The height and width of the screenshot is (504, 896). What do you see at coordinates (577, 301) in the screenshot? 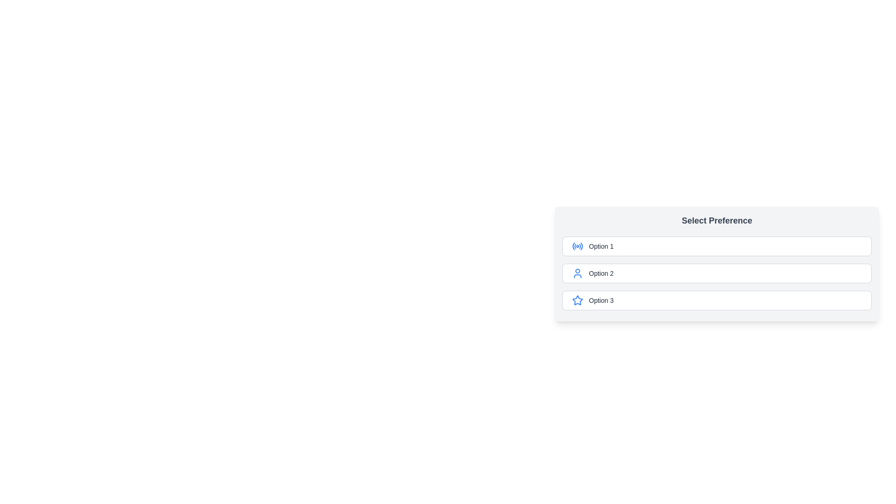
I see `the star-shaped icon associated with 'Option 3', located in the third row of the options list` at bounding box center [577, 301].